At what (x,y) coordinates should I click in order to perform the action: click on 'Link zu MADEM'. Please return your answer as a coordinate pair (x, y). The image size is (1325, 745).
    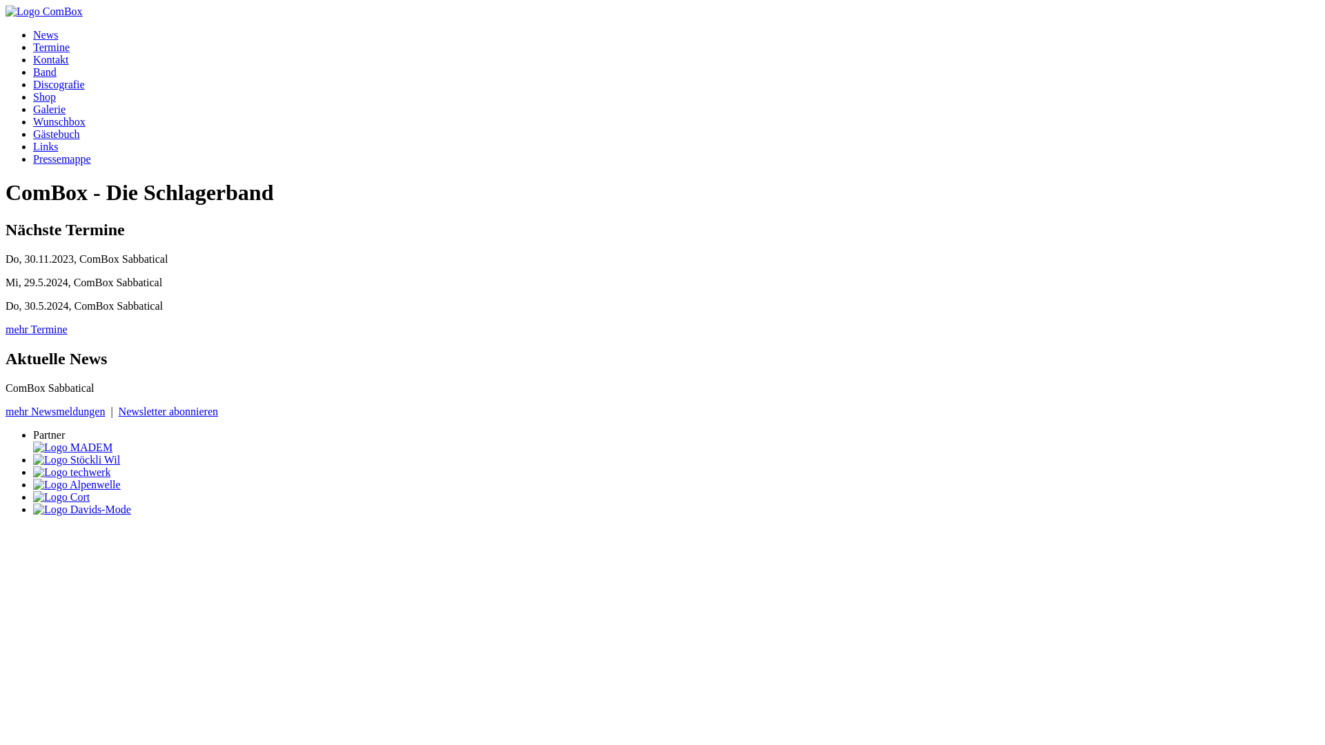
    Looking at the image, I should click on (72, 447).